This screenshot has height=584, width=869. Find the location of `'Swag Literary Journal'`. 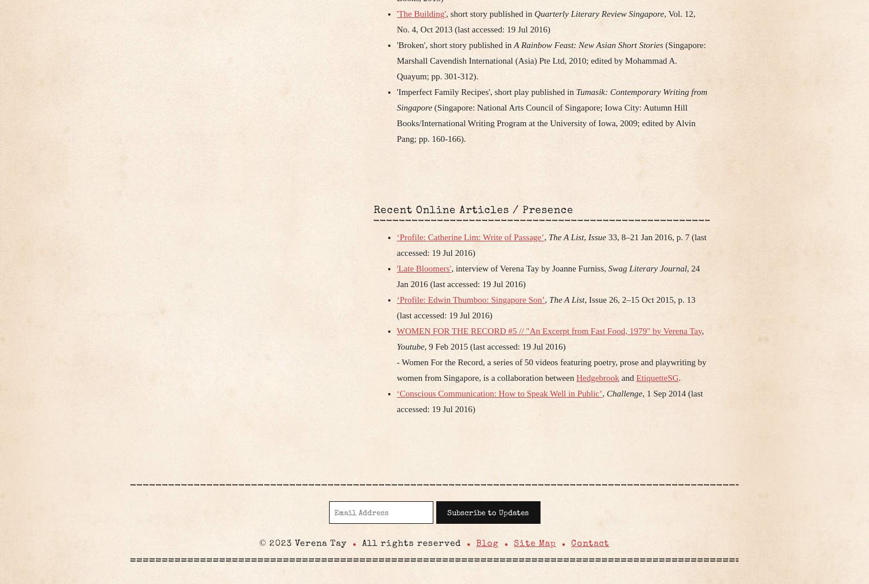

'Swag Literary Journal' is located at coordinates (647, 267).